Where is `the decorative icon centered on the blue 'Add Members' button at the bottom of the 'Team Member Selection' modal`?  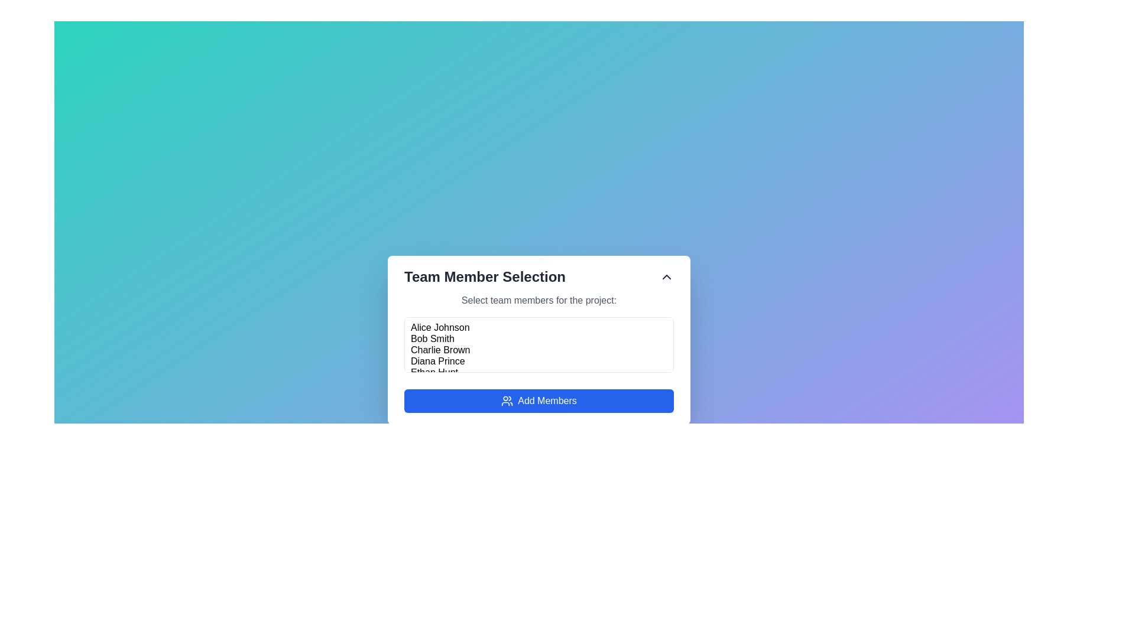 the decorative icon centered on the blue 'Add Members' button at the bottom of the 'Team Member Selection' modal is located at coordinates (507, 401).